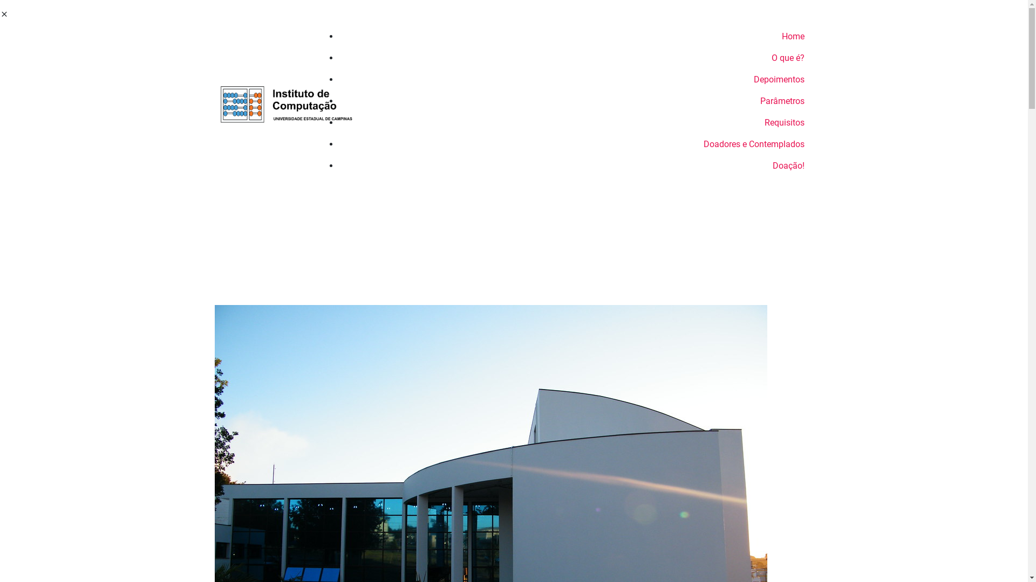  Describe the element at coordinates (576, 79) in the screenshot. I see `'Depoimentos'` at that location.